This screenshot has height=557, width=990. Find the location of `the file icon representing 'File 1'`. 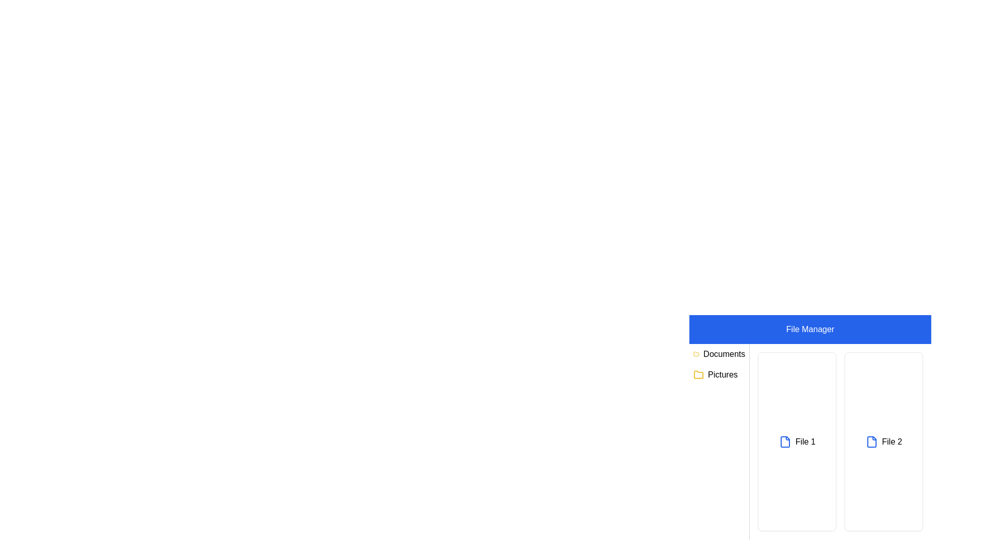

the file icon representing 'File 1' is located at coordinates (784, 441).